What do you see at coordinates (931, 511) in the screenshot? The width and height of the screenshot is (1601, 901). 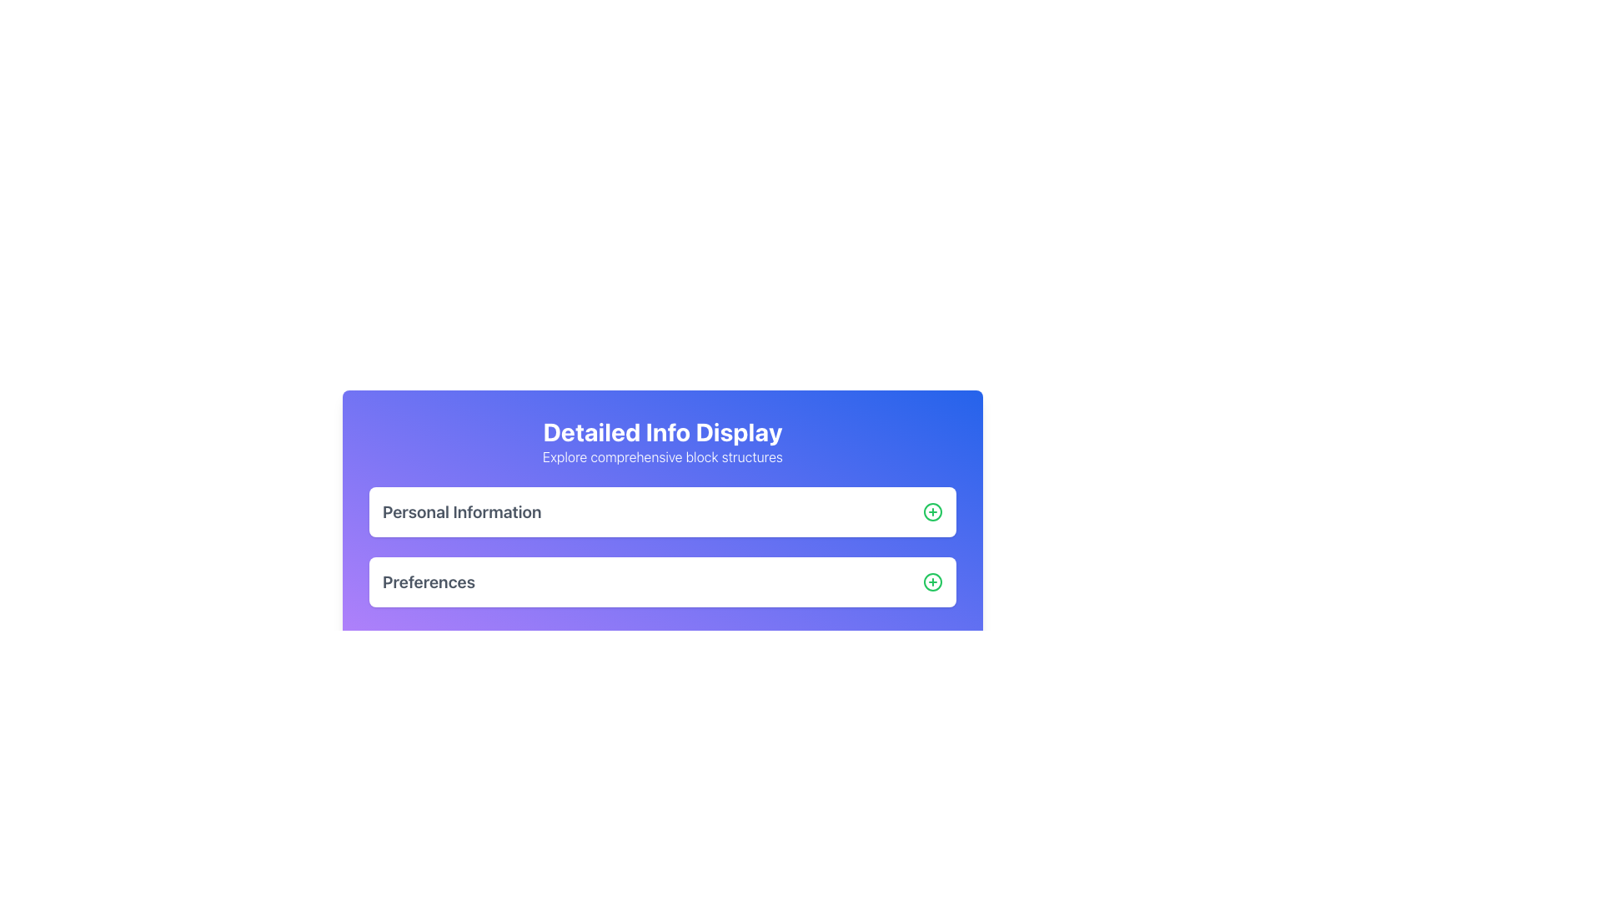 I see `the button located at the far right end of the 'Personal Information' row` at bounding box center [931, 511].